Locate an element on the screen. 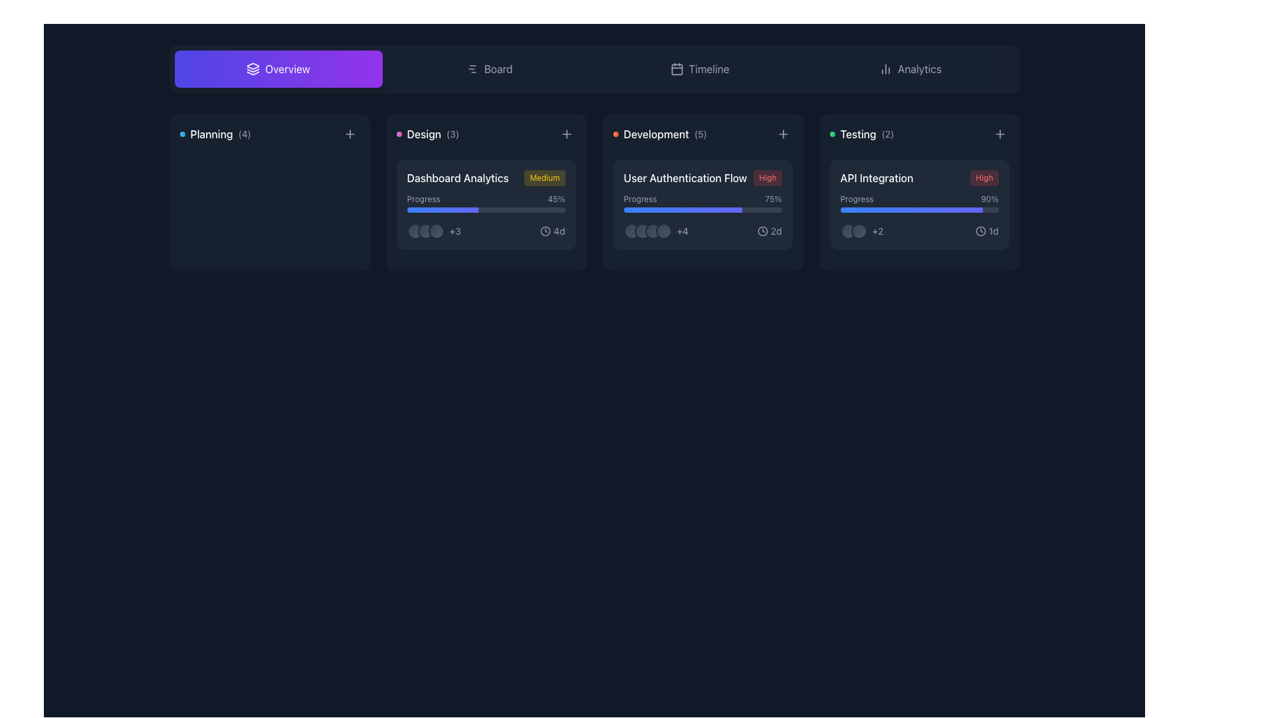 This screenshot has height=718, width=1276. the text label displaying the time-related value located in the bottom-right corner of the 'User Authentication Flow' UI card, next to the clock icon is located at coordinates (776, 230).